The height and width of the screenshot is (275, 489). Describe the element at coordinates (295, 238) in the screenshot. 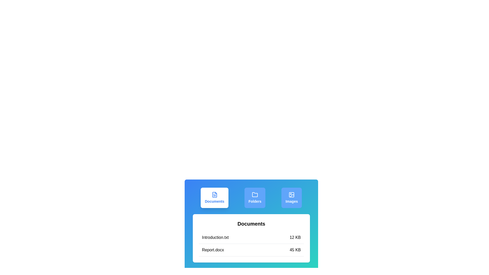

I see `the Text Label displaying '12 KB', which is located in the bottom section of the interface, within the 'Documents' card and horizontally aligned to the right of 'Introduction.txt'` at that location.